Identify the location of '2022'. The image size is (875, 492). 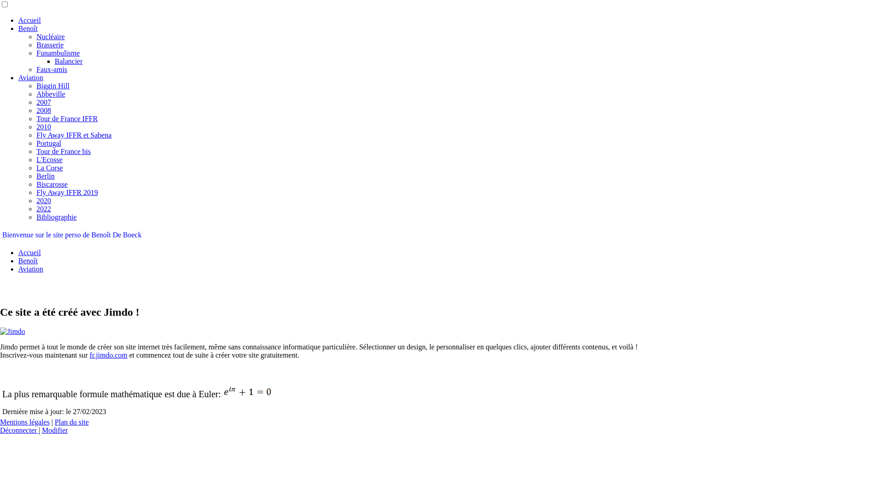
(43, 209).